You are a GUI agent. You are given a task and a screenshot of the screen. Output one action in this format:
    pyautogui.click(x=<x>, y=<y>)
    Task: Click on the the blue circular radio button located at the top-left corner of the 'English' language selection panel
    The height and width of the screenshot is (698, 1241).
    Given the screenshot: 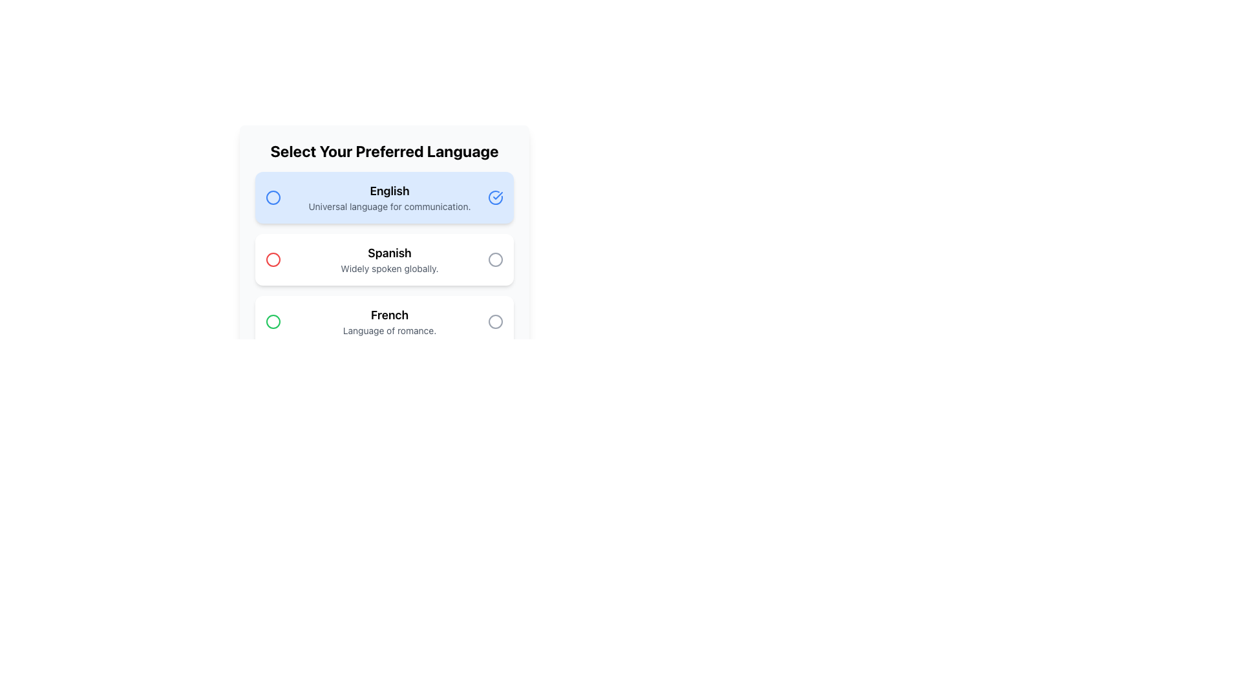 What is the action you would take?
    pyautogui.click(x=272, y=197)
    